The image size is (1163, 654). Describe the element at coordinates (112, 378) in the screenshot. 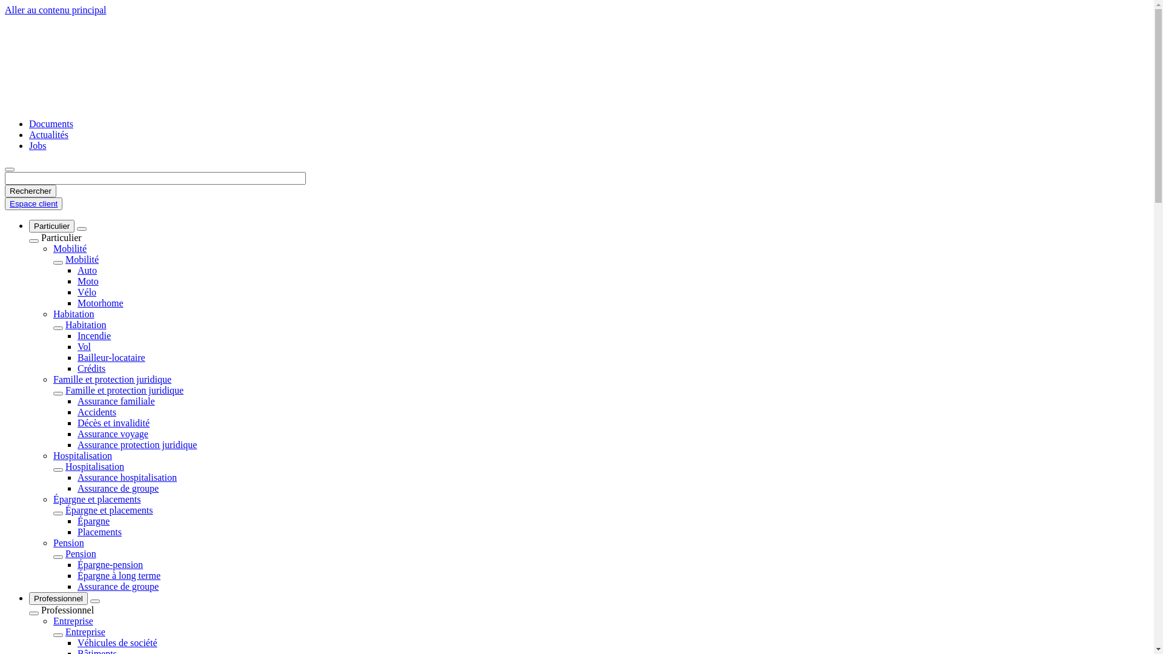

I see `'Famille et protection juridique'` at that location.